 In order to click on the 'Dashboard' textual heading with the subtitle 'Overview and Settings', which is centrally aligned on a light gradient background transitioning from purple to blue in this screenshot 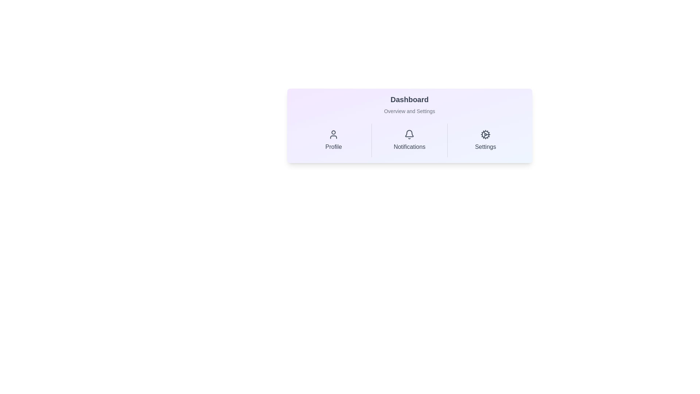, I will do `click(409, 104)`.